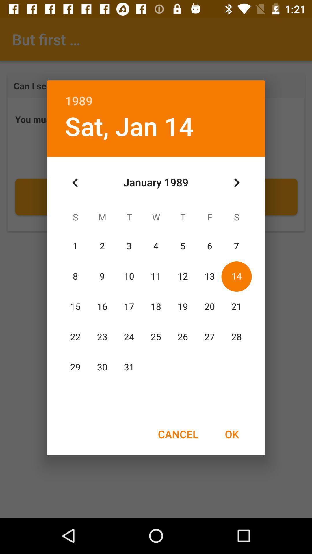 Image resolution: width=312 pixels, height=554 pixels. Describe the element at coordinates (231, 434) in the screenshot. I see `ok icon` at that location.